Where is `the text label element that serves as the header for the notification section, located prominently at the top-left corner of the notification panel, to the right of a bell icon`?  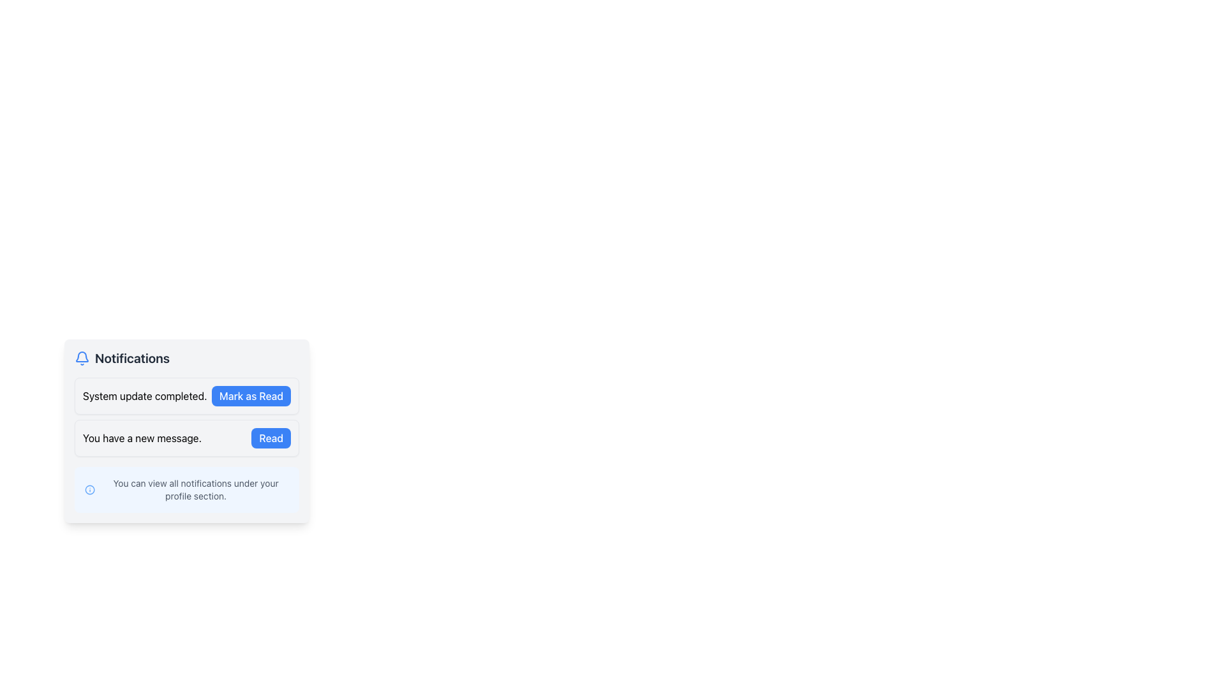 the text label element that serves as the header for the notification section, located prominently at the top-left corner of the notification panel, to the right of a bell icon is located at coordinates (132, 359).